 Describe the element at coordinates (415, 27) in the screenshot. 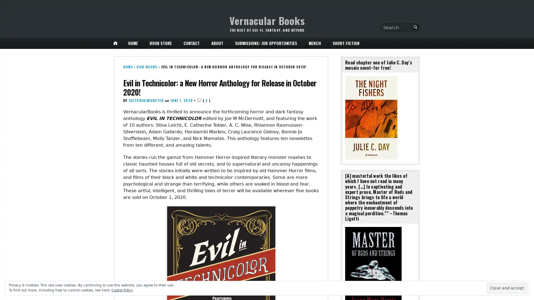

I see `Submit` at that location.